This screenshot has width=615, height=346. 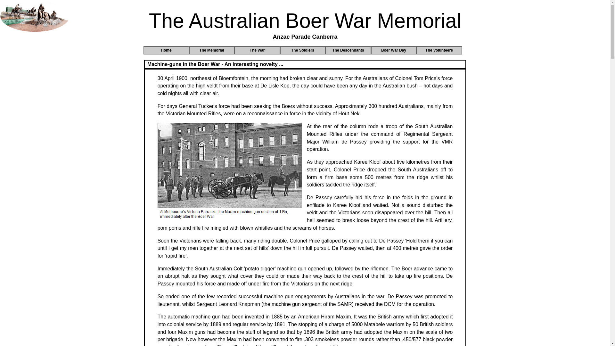 What do you see at coordinates (348, 50) in the screenshot?
I see `'The Descendants'` at bounding box center [348, 50].